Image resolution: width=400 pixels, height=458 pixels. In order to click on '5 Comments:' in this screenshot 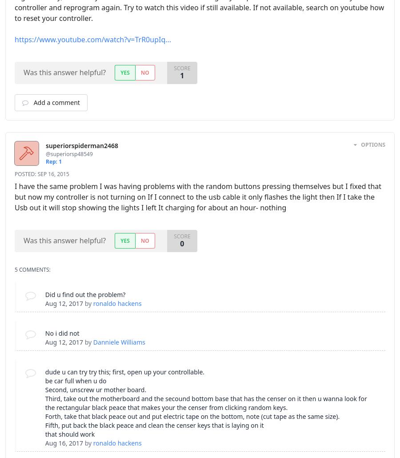, I will do `click(14, 269)`.